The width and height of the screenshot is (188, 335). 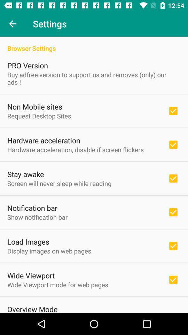 I want to click on display images on item, so click(x=49, y=251).